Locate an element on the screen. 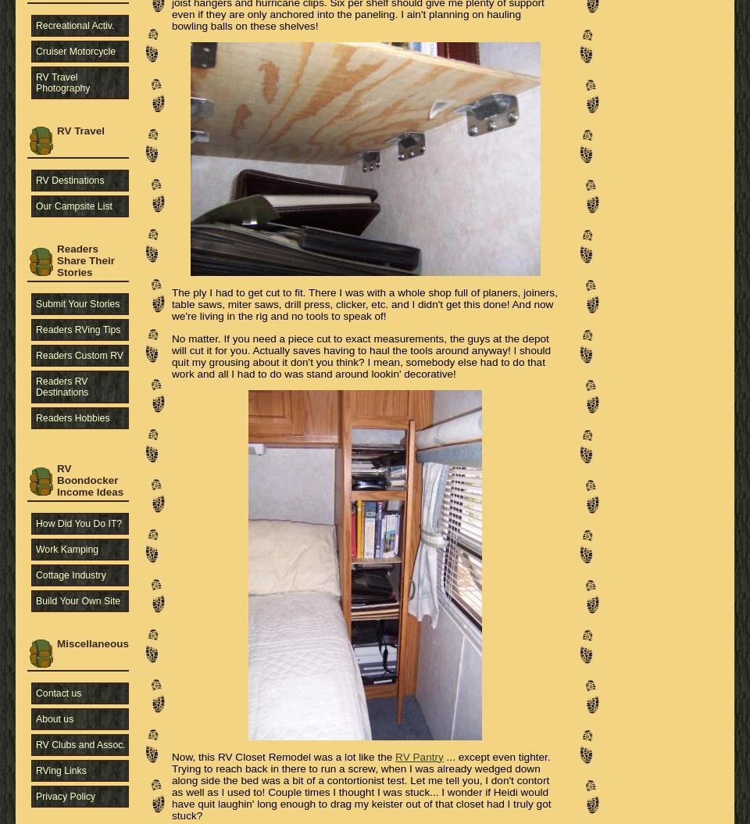 The width and height of the screenshot is (750, 824). 'Cottage Industry' is located at coordinates (34, 573).